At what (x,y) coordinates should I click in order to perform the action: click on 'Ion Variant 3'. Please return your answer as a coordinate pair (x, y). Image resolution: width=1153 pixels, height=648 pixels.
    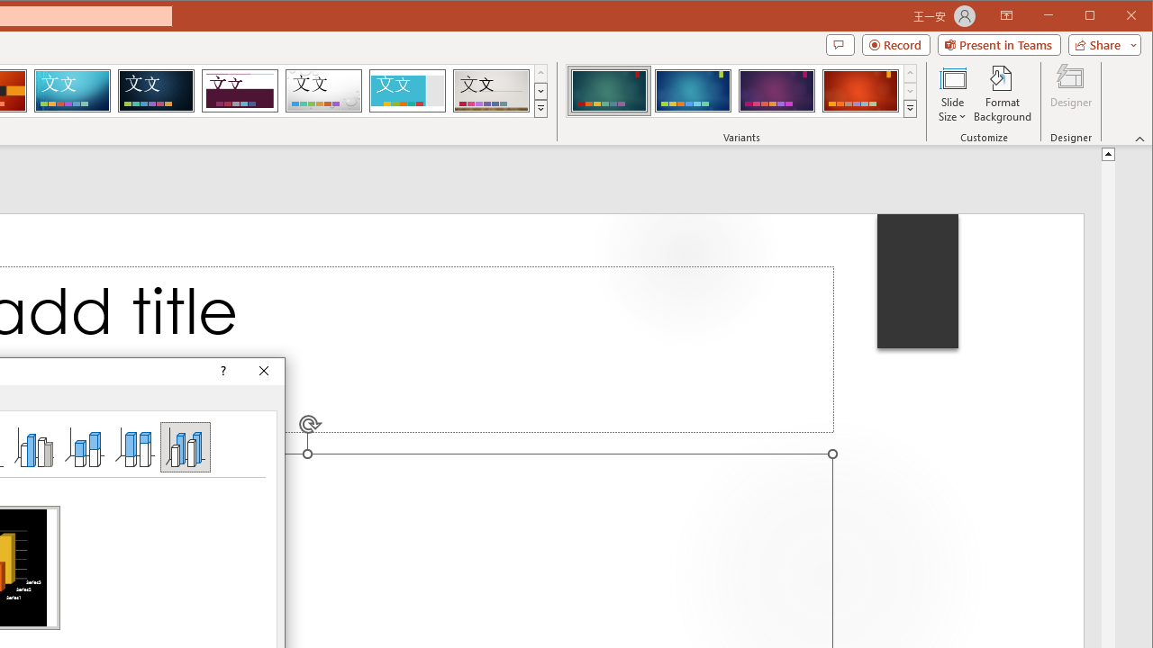
    Looking at the image, I should click on (776, 90).